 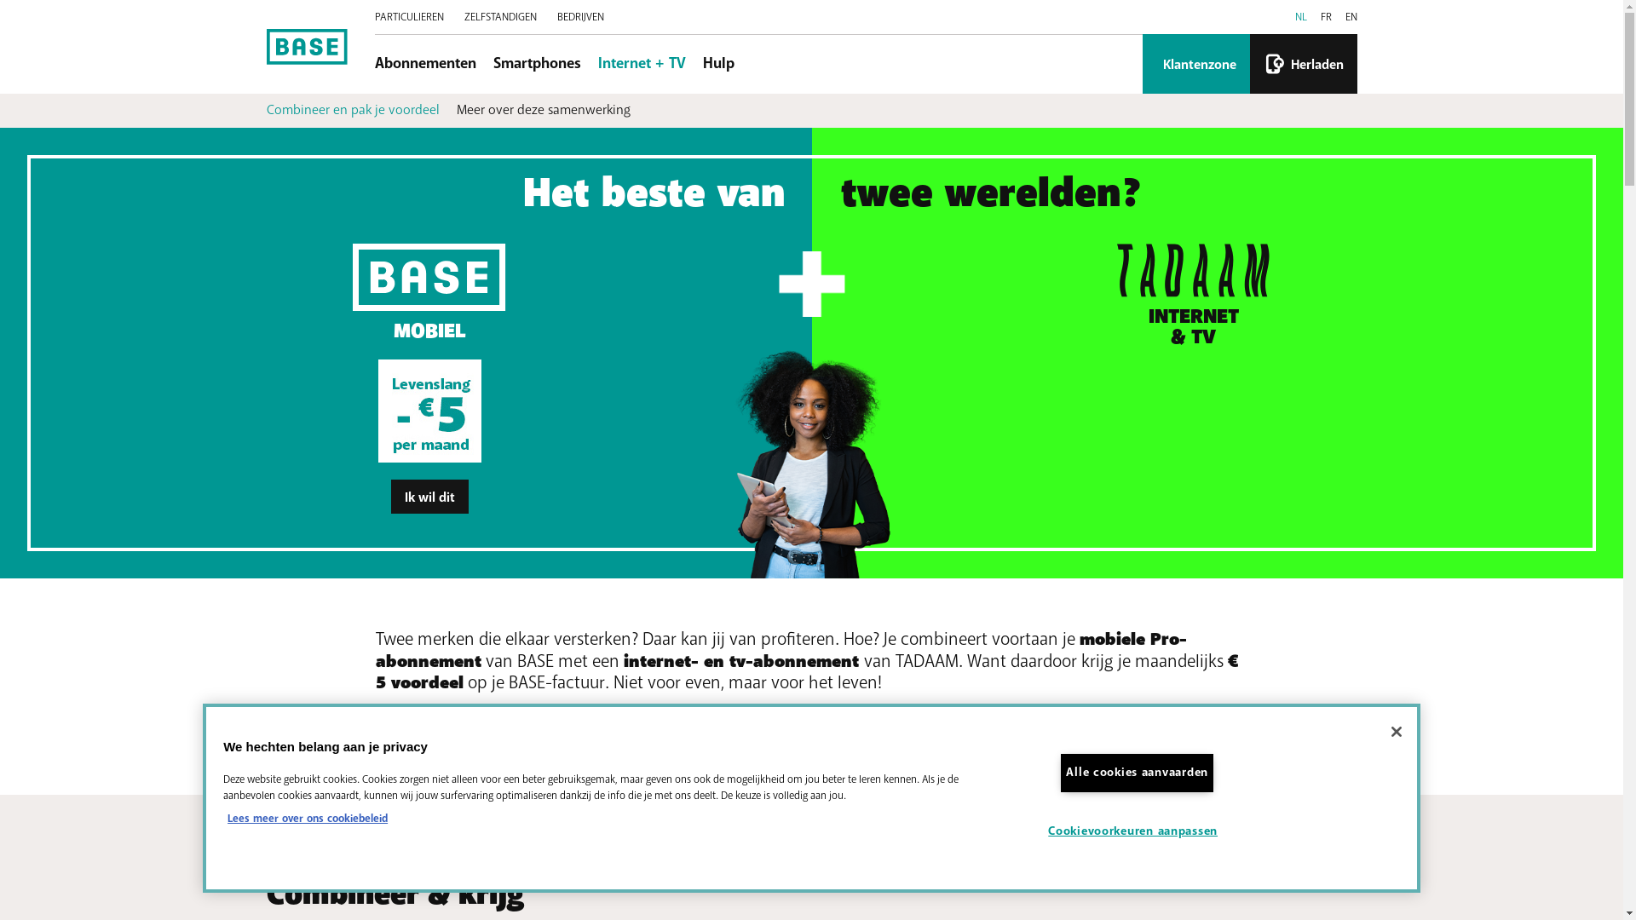 I want to click on 'PARTICULIEREN', so click(x=409, y=16).